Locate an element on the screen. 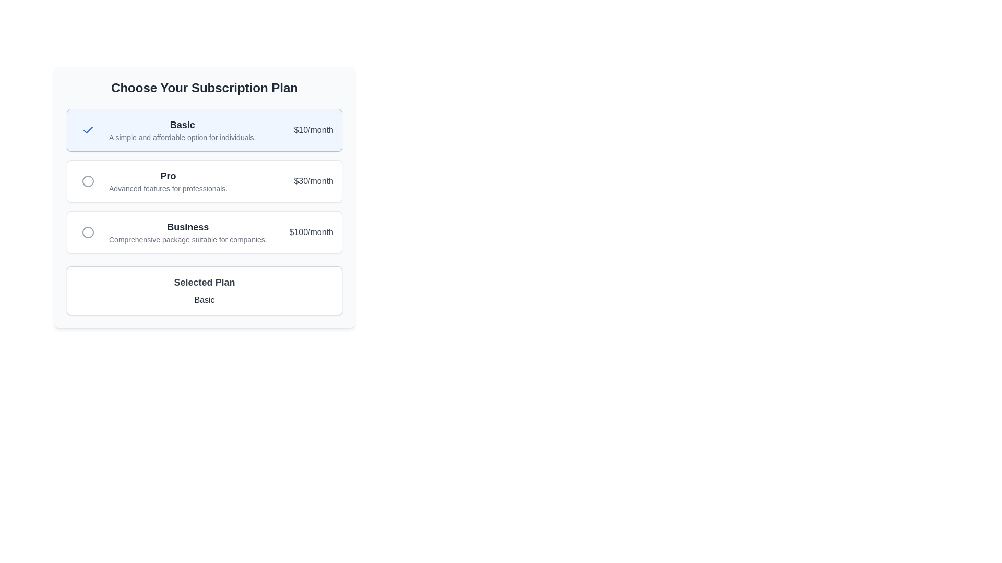 The width and height of the screenshot is (1002, 563). the 'Pro' subscription plan Selectable Card is located at coordinates (205, 180).